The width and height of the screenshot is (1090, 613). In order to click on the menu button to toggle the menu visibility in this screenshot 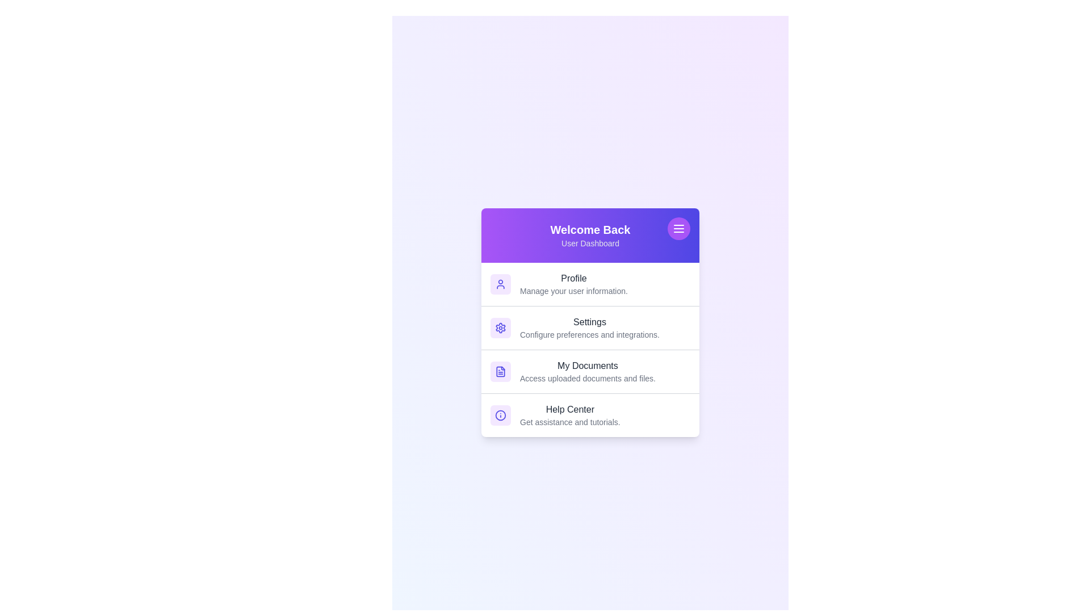, I will do `click(678, 228)`.